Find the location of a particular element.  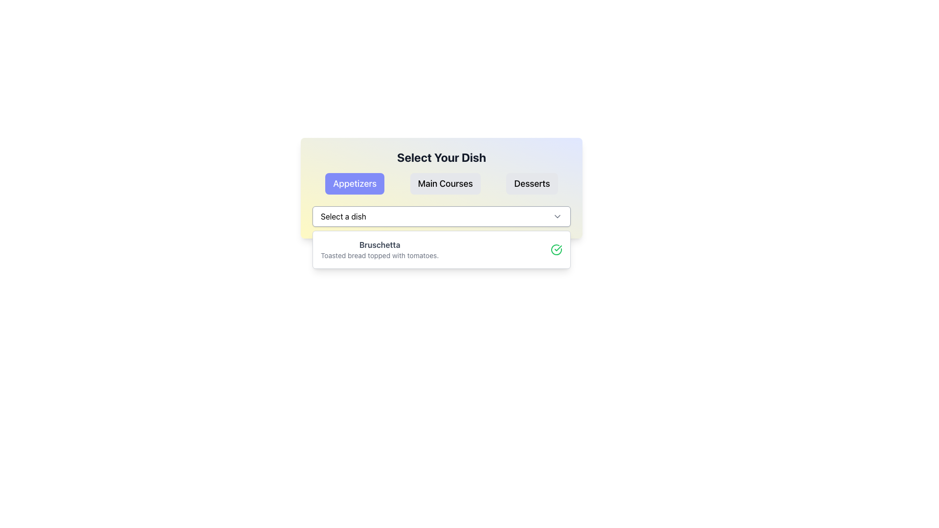

the header text label that introduces the purpose of the dish selection section, located centrally above the options for 'Appetizers', 'Main Courses', and 'Desserts' is located at coordinates (441, 156).